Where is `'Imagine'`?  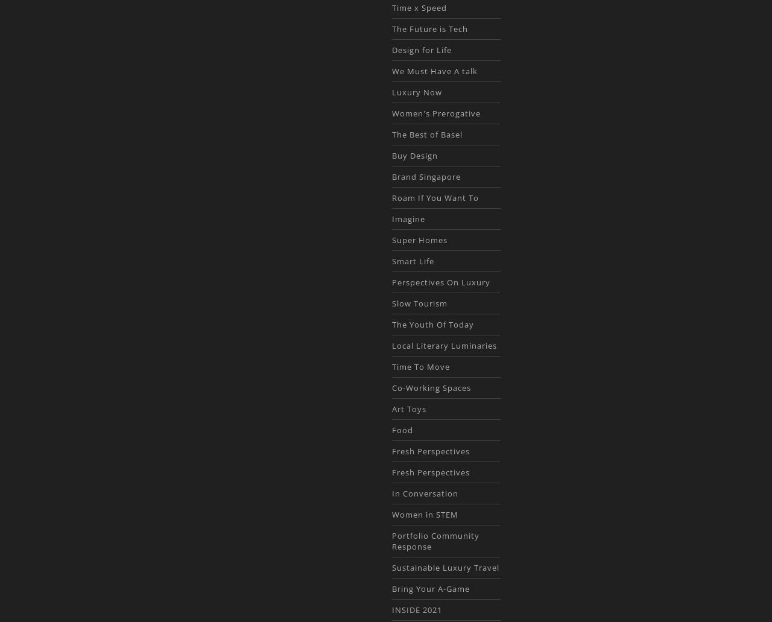
'Imagine' is located at coordinates (391, 218).